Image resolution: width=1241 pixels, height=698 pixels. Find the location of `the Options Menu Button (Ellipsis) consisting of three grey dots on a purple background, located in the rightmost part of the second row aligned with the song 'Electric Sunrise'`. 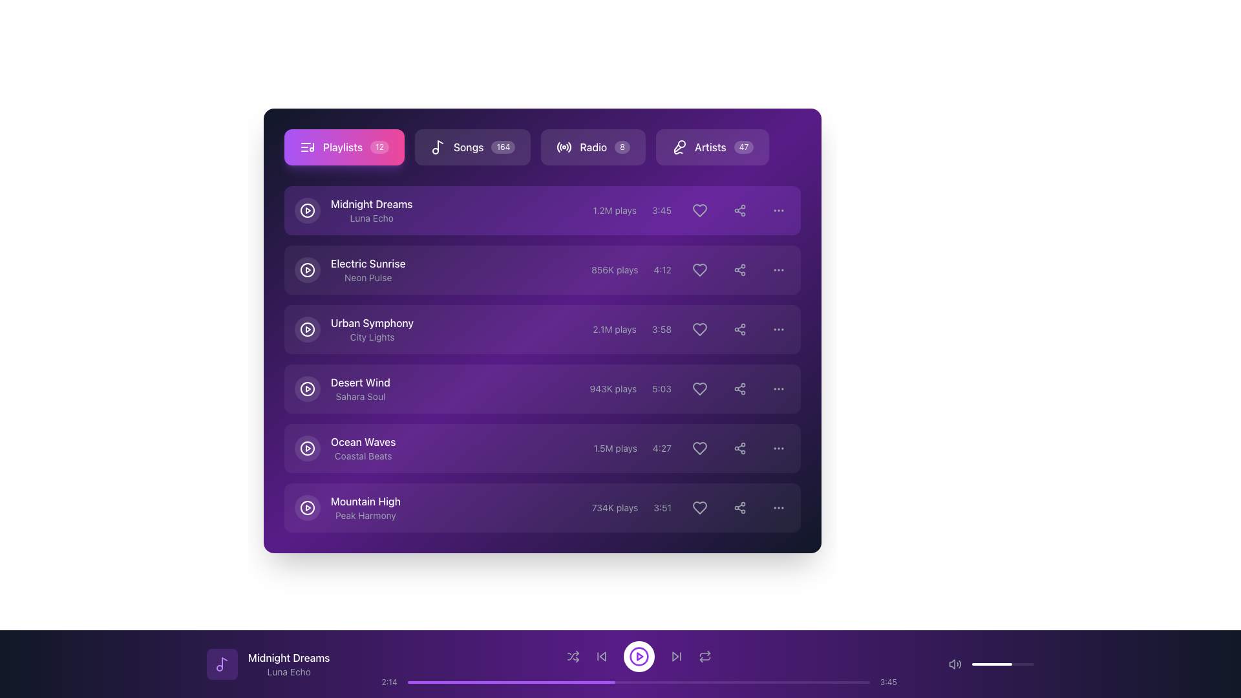

the Options Menu Button (Ellipsis) consisting of three grey dots on a purple background, located in the rightmost part of the second row aligned with the song 'Electric Sunrise' is located at coordinates (778, 269).